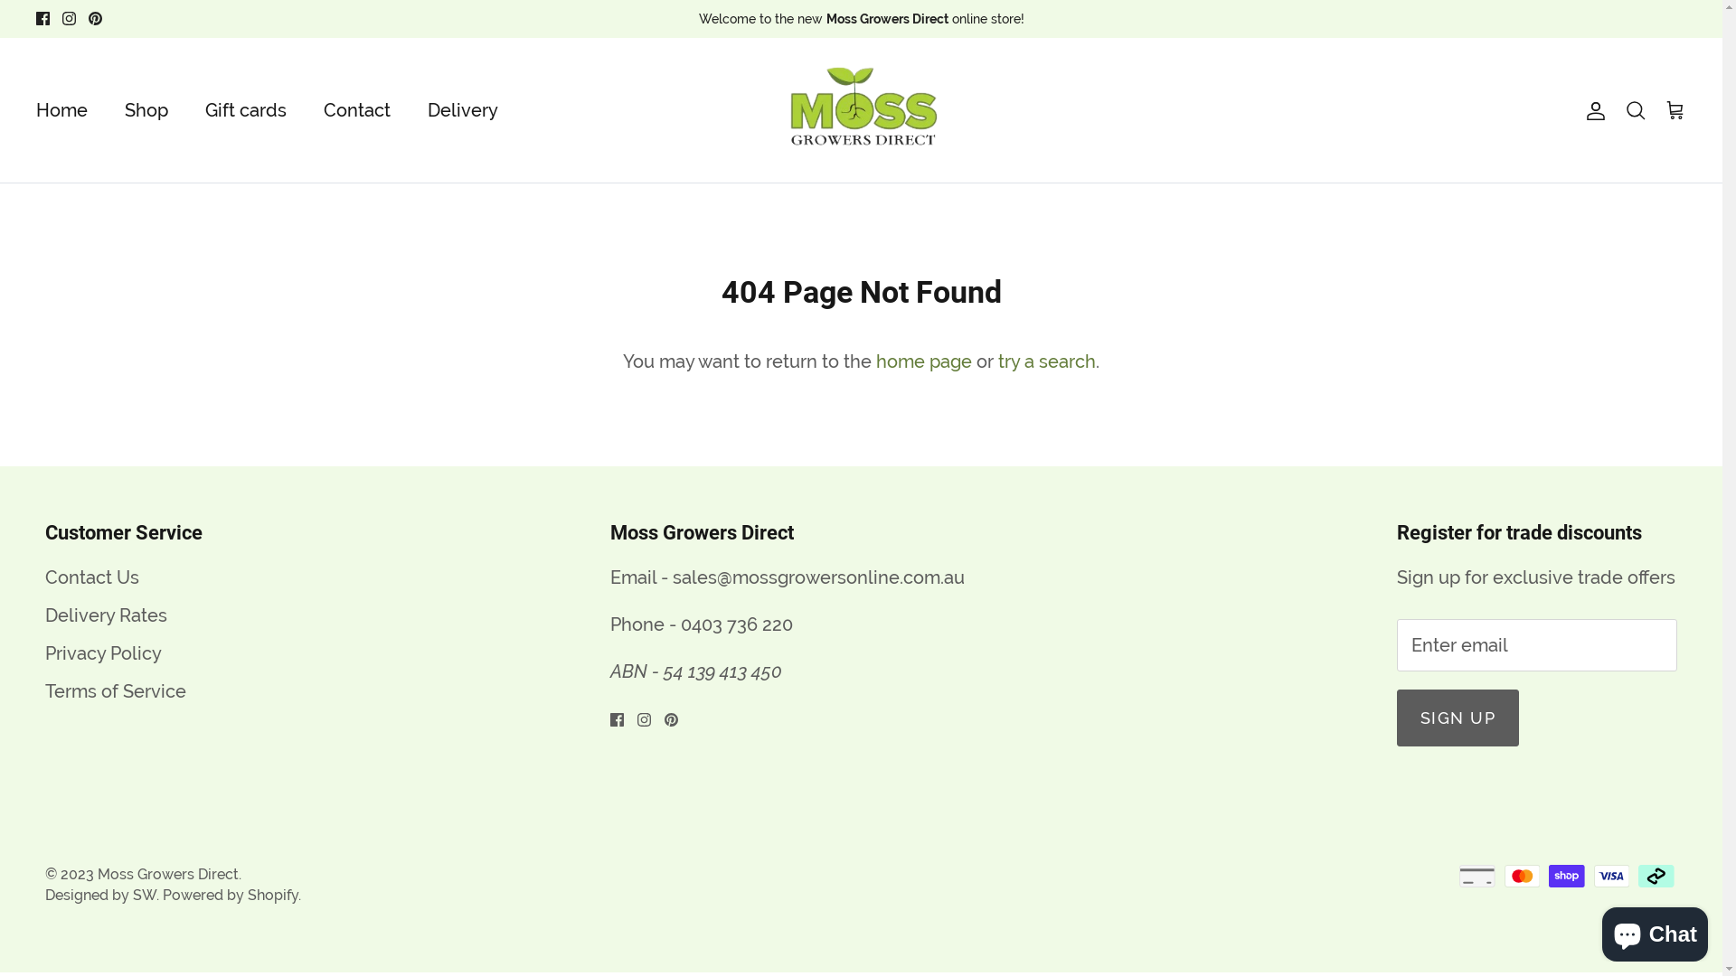 Image resolution: width=1736 pixels, height=976 pixels. I want to click on 'Shopify online store chat', so click(1655, 930).